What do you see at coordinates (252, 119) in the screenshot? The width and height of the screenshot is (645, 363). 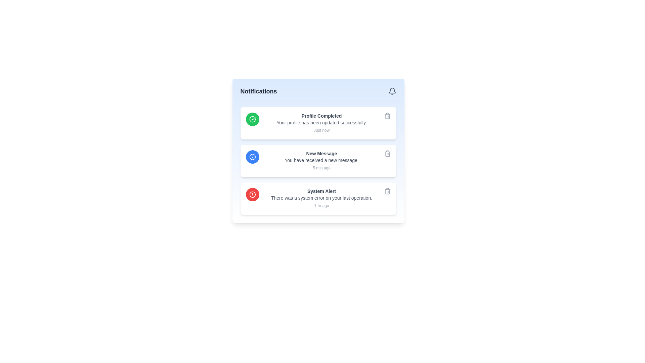 I see `the success icon element indicating 'Profile Completed' in the notification card` at bounding box center [252, 119].